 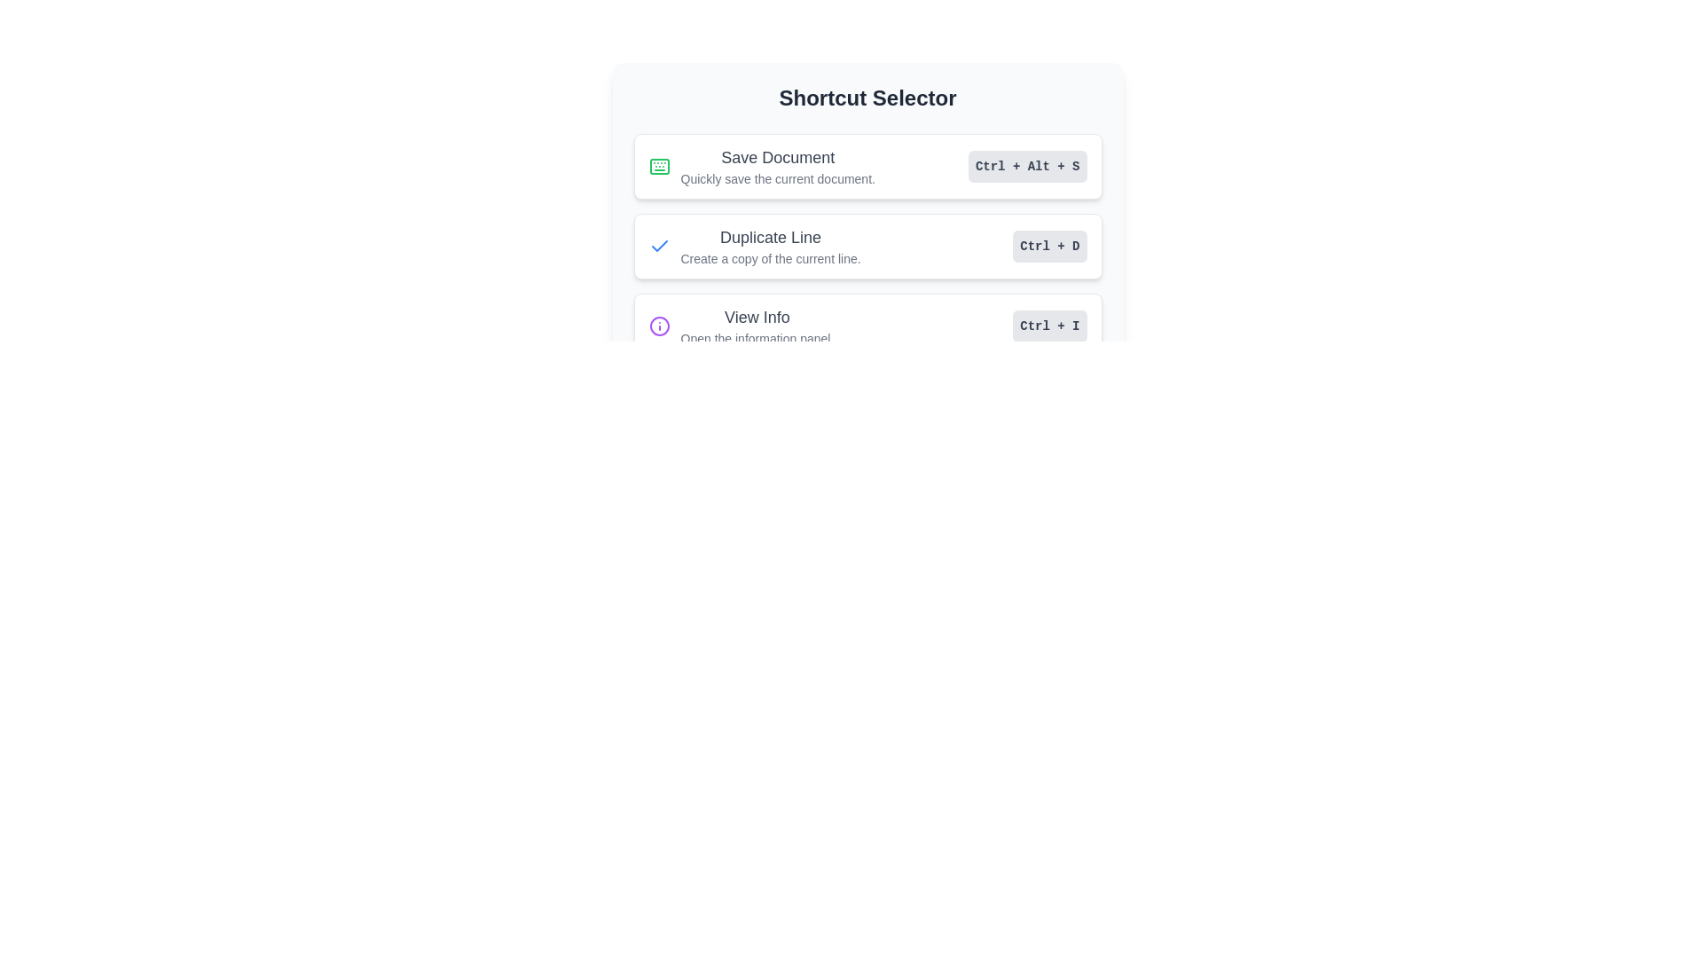 I want to click on the 'View Info' text label, which is the third option in a vertical list of selectable options, displayed in a medium-sized, bold gray font, located below the 'Duplicate Line' option, so click(x=757, y=317).